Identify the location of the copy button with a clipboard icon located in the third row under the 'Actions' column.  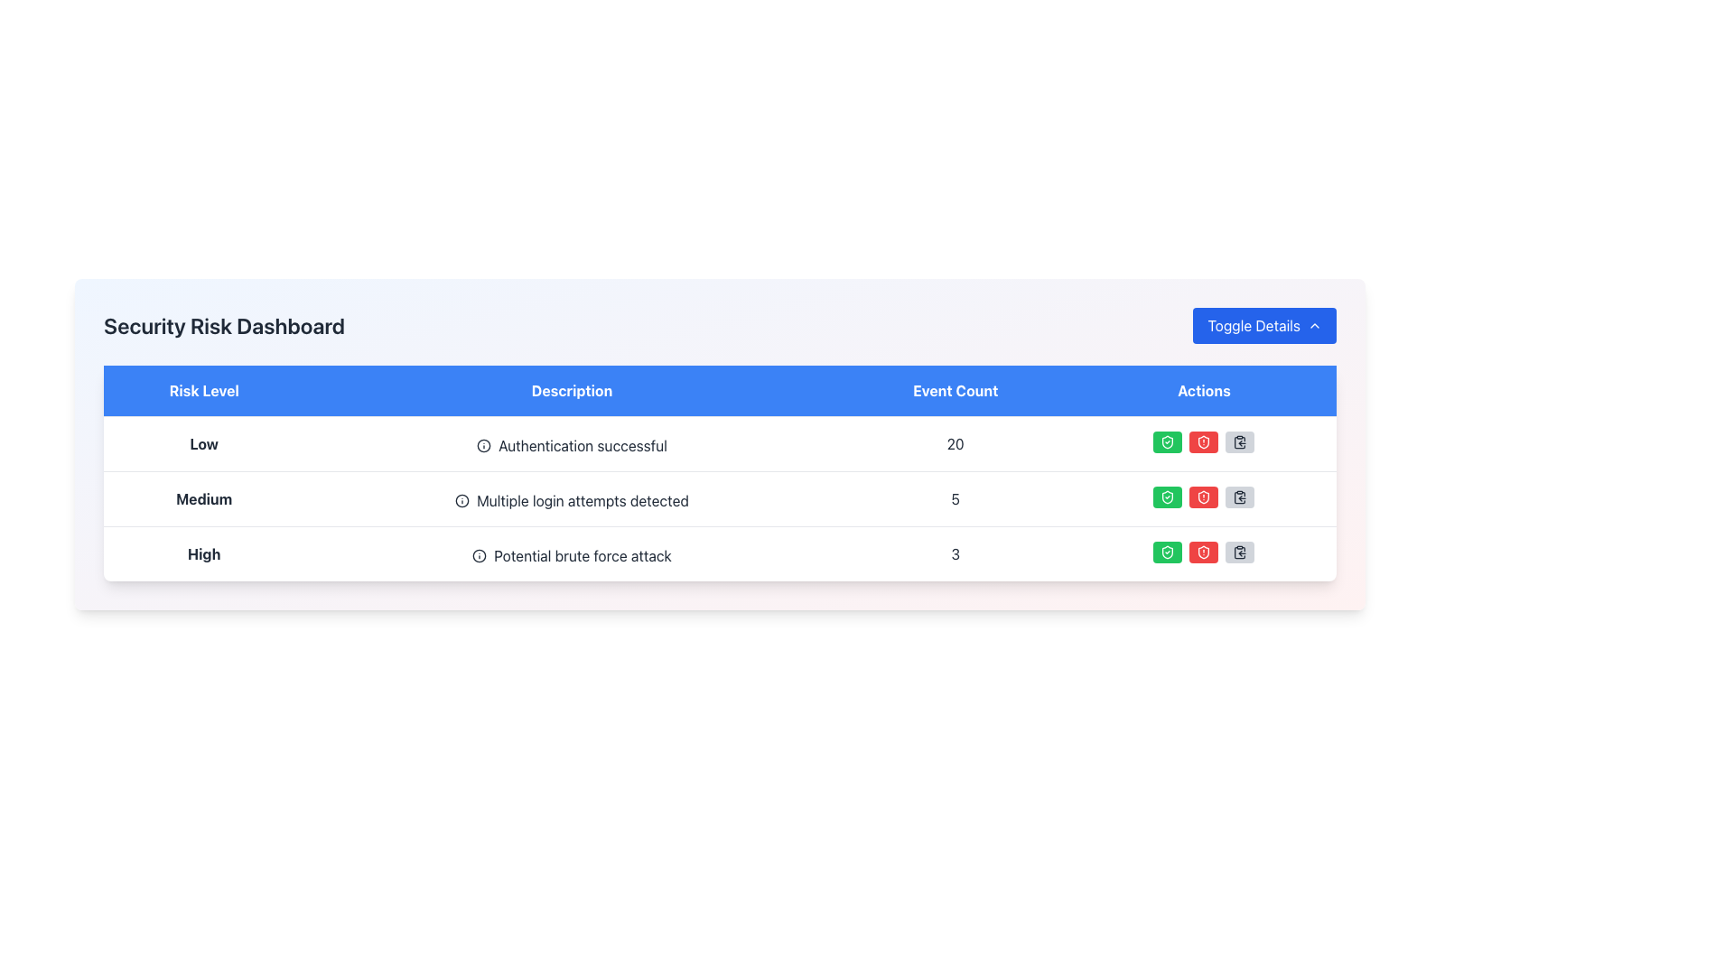
(1239, 497).